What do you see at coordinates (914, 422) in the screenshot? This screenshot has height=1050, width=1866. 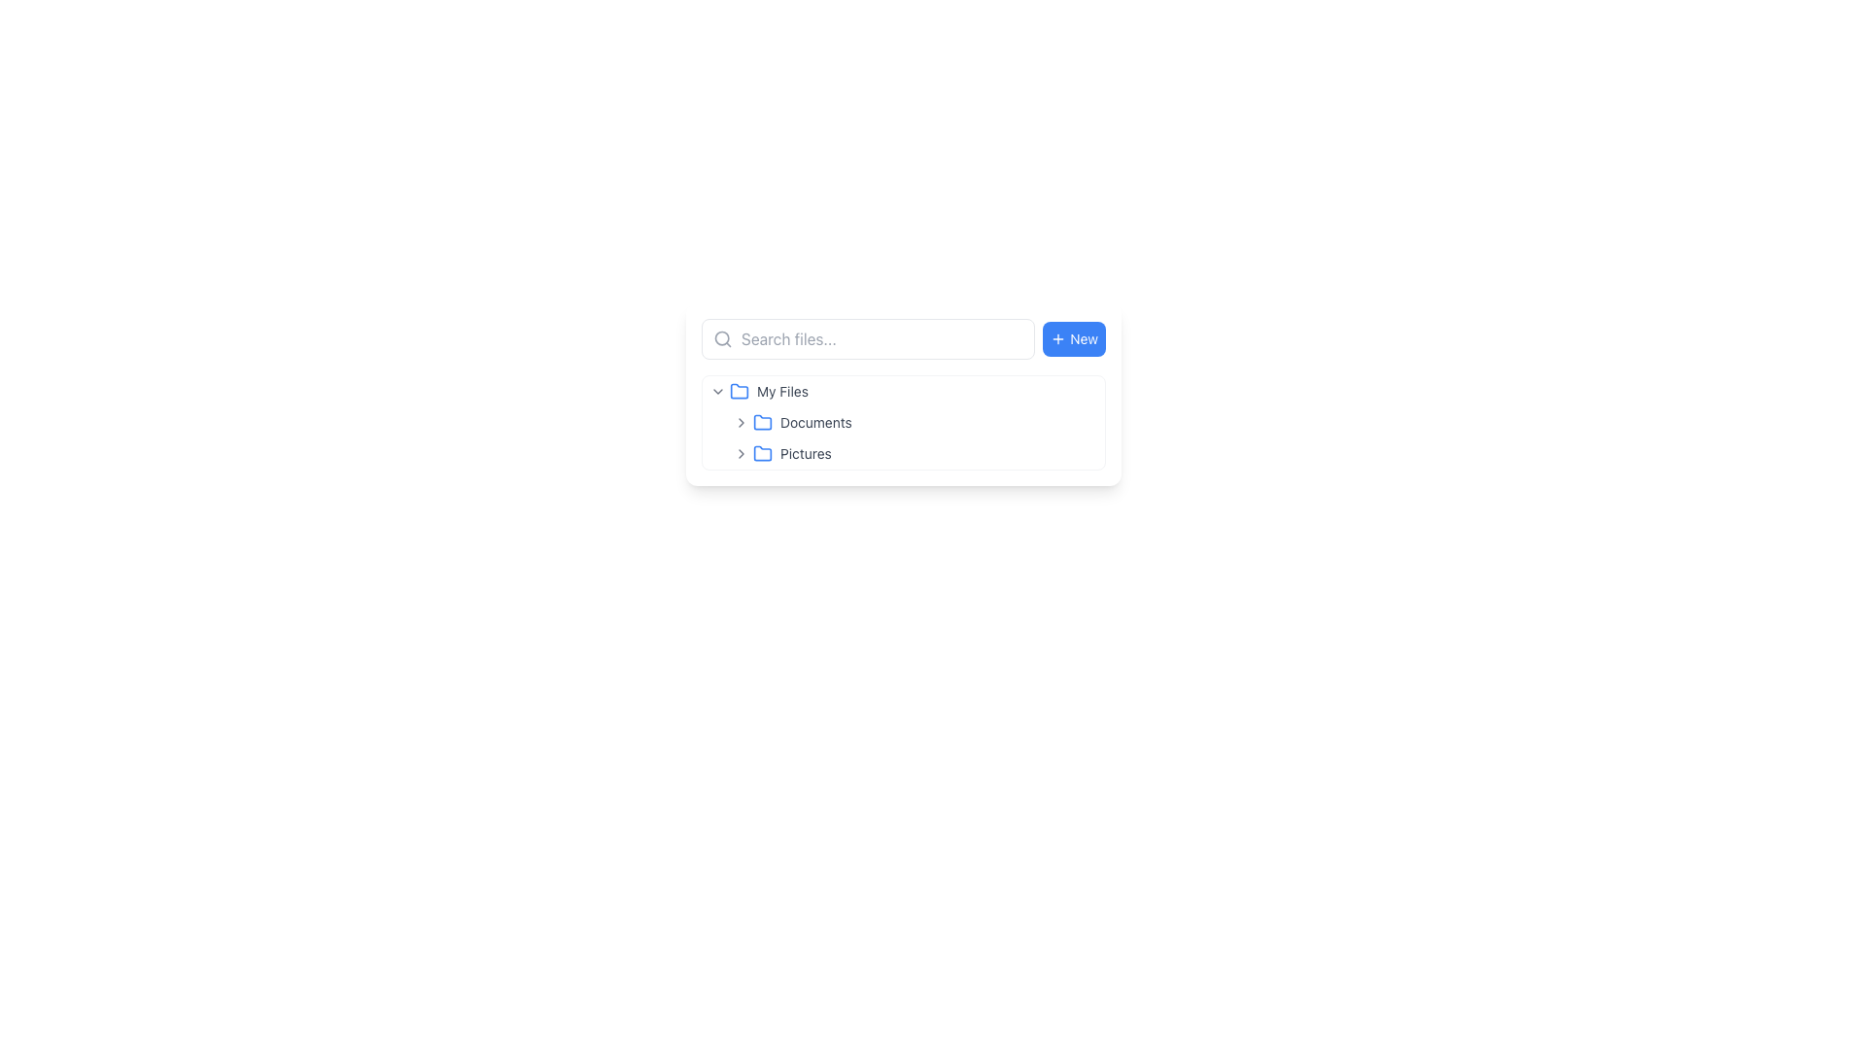 I see `the 'Documents' menu item located in the second row under the 'My Files' section` at bounding box center [914, 422].